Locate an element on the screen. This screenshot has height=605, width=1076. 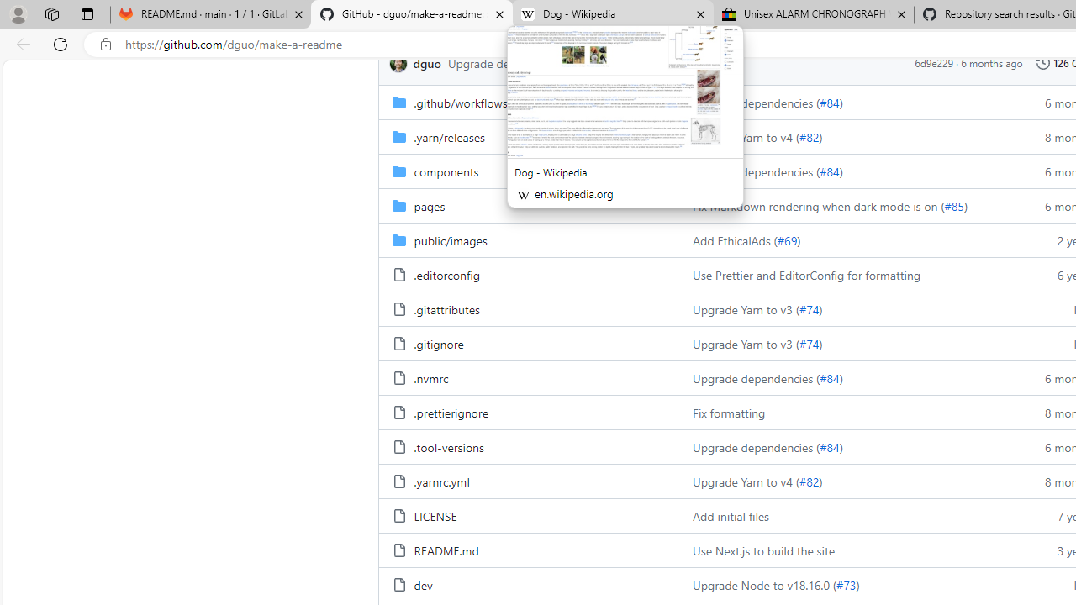
'.prettierignore, (File)' is located at coordinates (451, 413).